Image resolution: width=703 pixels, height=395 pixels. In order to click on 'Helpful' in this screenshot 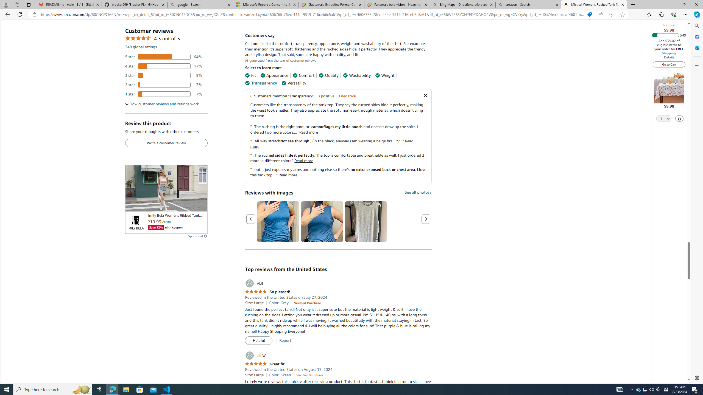, I will do `click(259, 340)`.